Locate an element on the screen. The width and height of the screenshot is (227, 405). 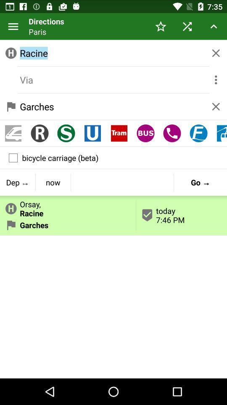
the label icon is located at coordinates (13, 143).